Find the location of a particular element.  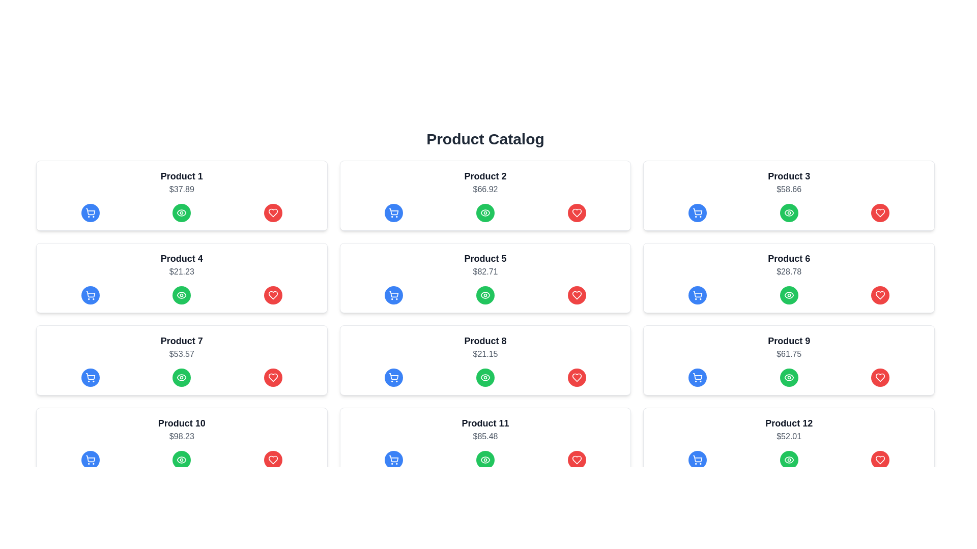

the leftmost icon in the button group associated with 'Product 7' is located at coordinates (90, 378).